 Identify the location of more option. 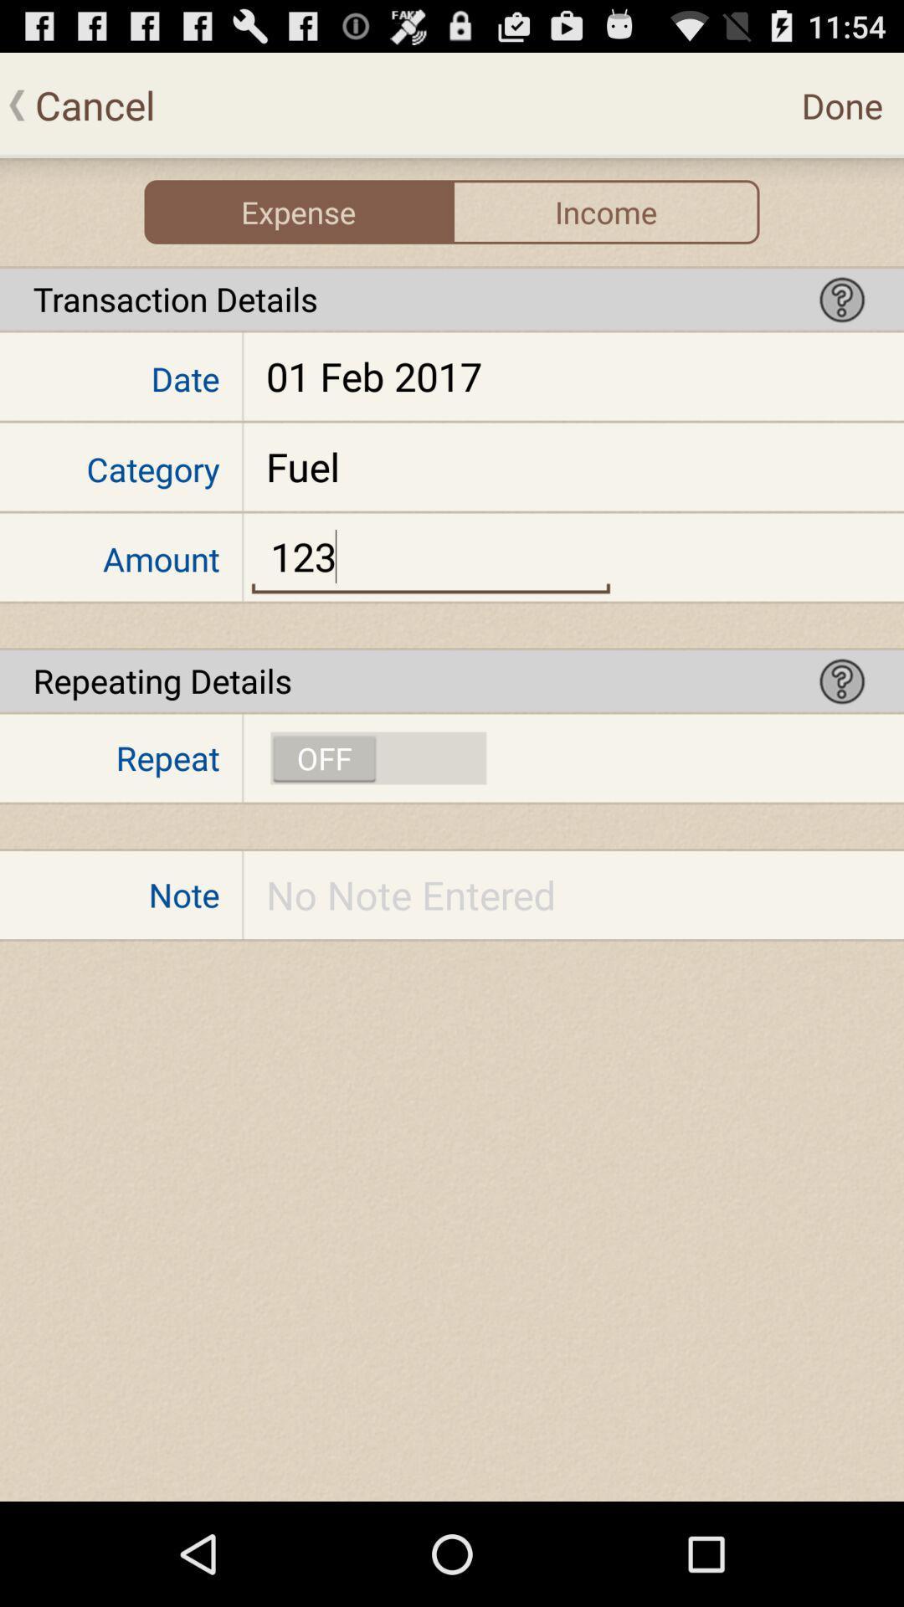
(842, 299).